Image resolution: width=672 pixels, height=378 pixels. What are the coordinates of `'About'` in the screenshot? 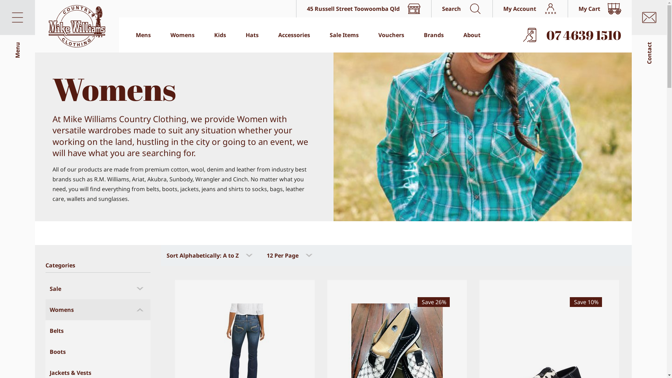 It's located at (472, 35).